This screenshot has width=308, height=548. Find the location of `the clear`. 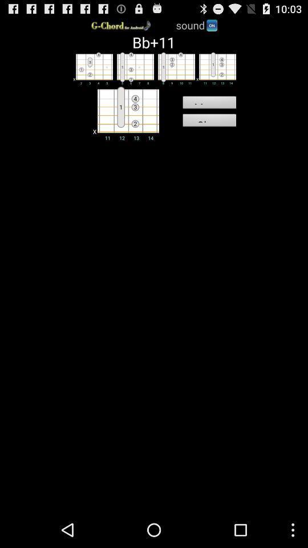

the clear is located at coordinates (209, 122).